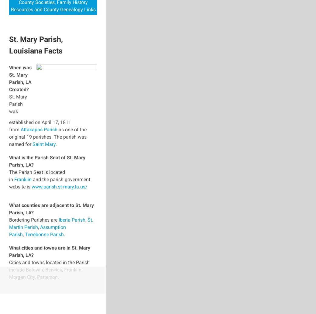 The width and height of the screenshot is (316, 314). I want to click on 'When was St. Mary Parish, LA Created?', so click(20, 78).